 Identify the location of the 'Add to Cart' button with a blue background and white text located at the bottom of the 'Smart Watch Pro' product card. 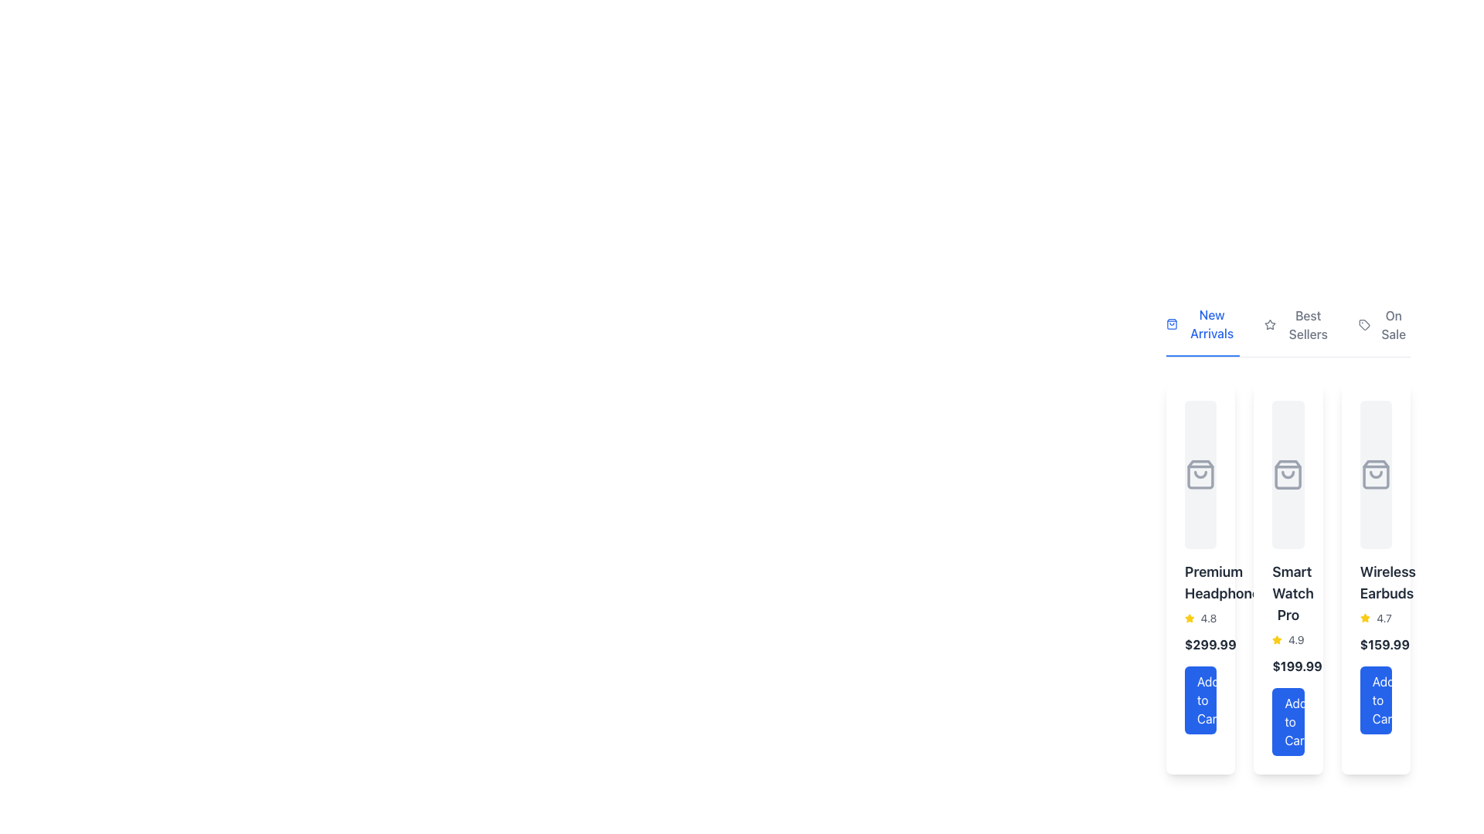
(1288, 721).